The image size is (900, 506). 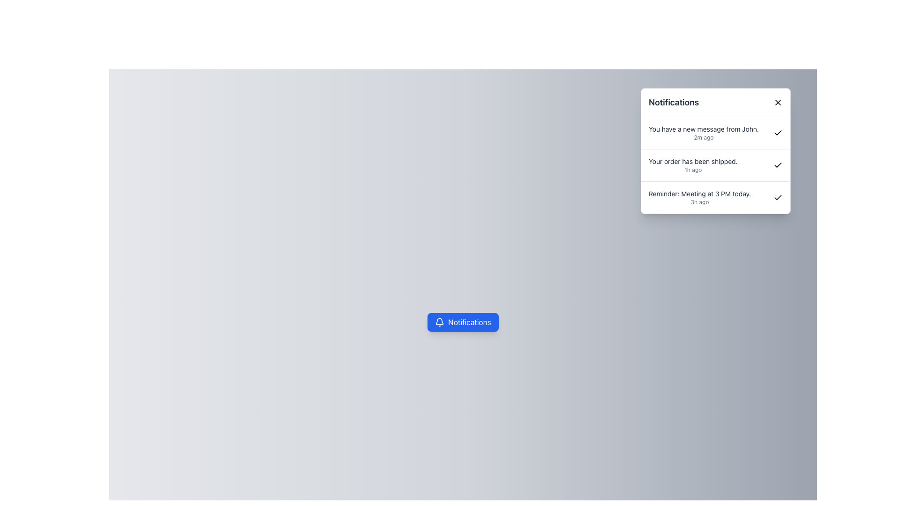 What do you see at coordinates (715, 164) in the screenshot?
I see `the notification icon next to 'Your order has been shipped.' for additional actions` at bounding box center [715, 164].